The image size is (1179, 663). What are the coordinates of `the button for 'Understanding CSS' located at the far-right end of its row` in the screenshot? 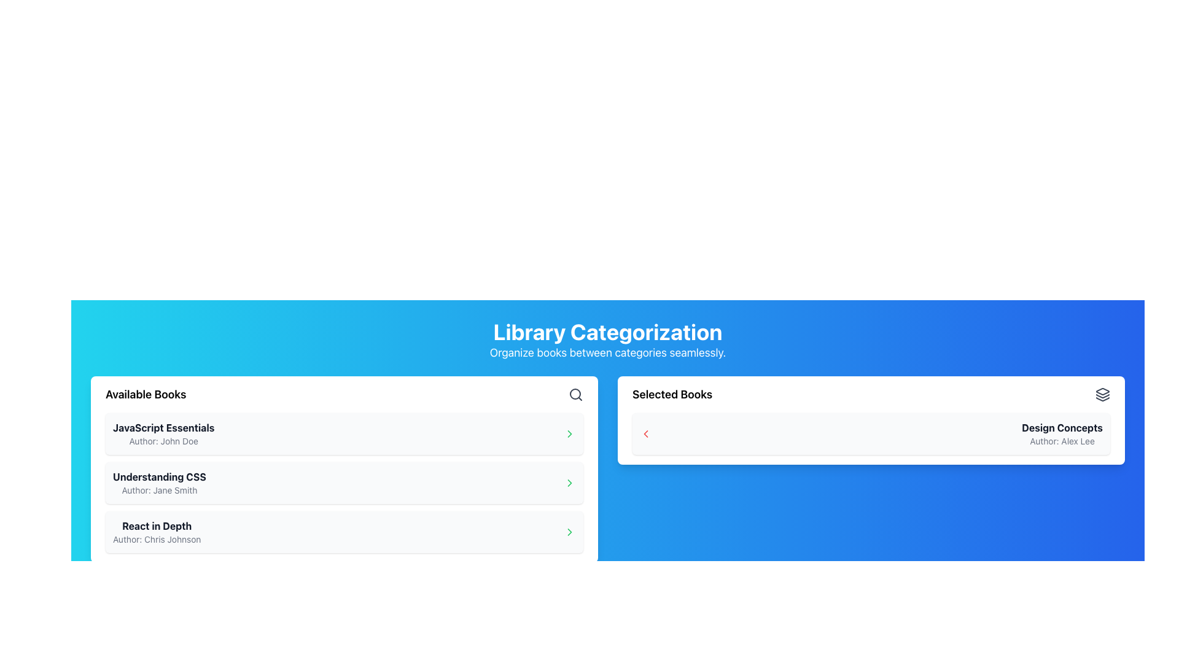 It's located at (569, 482).